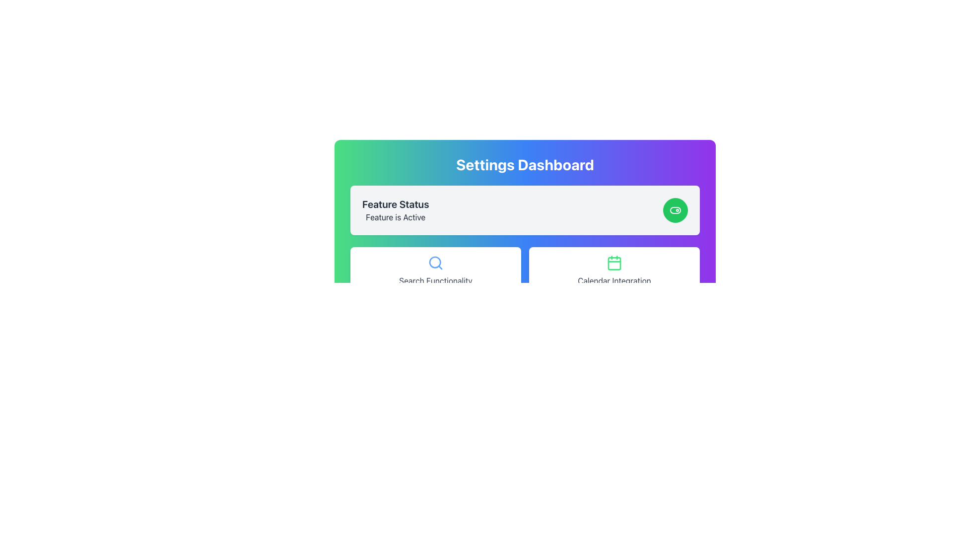  Describe the element at coordinates (395, 217) in the screenshot. I see `the Text Label that indicates the feature is currently active, located beneath the 'Feature Status' text` at that location.